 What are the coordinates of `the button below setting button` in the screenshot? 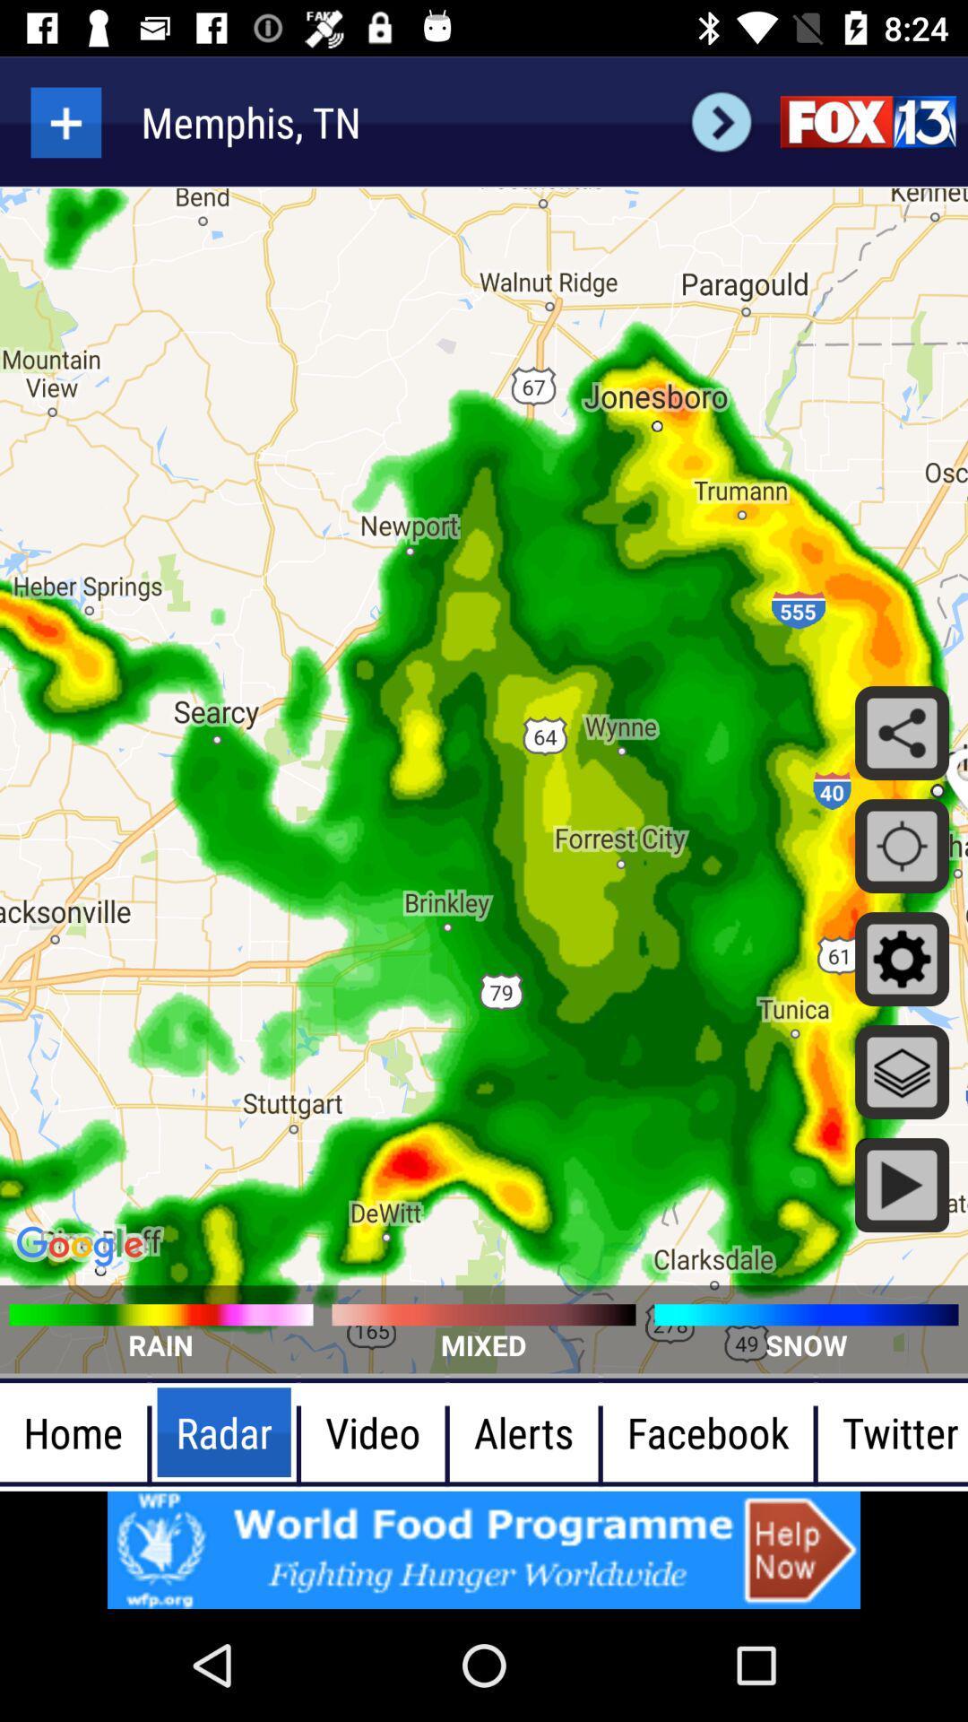 It's located at (902, 1072).